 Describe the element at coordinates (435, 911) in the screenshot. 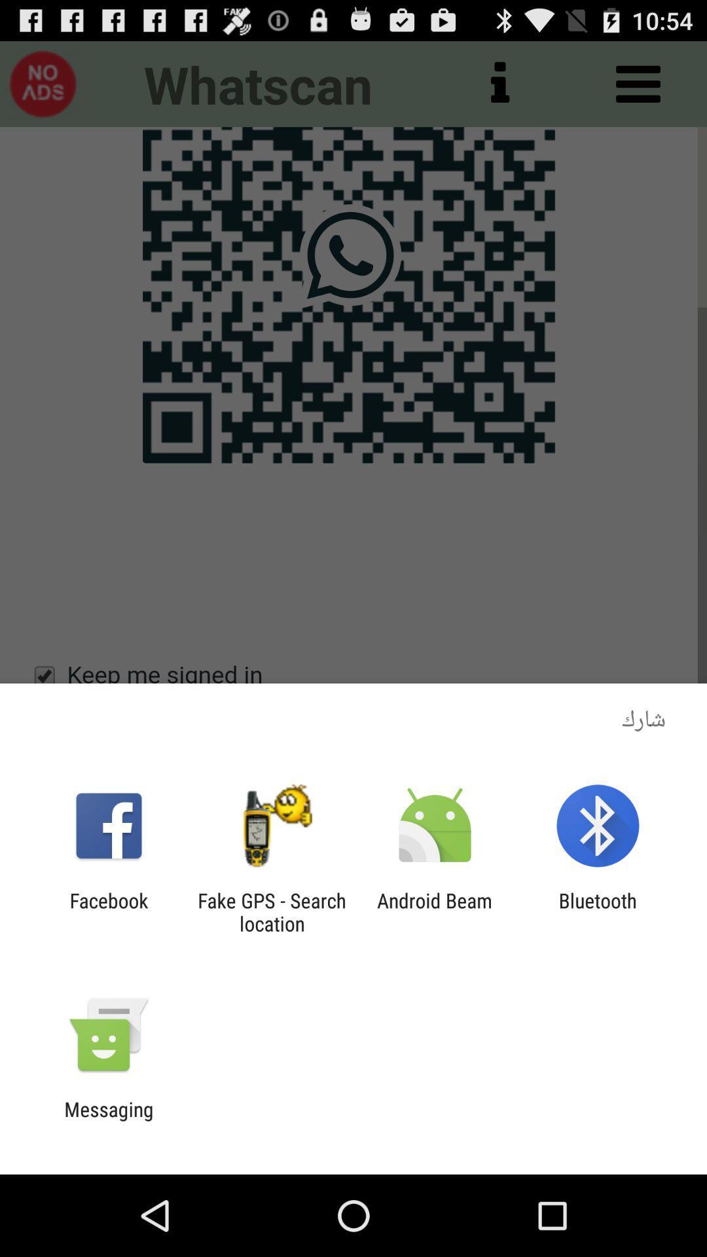

I see `android beam item` at that location.